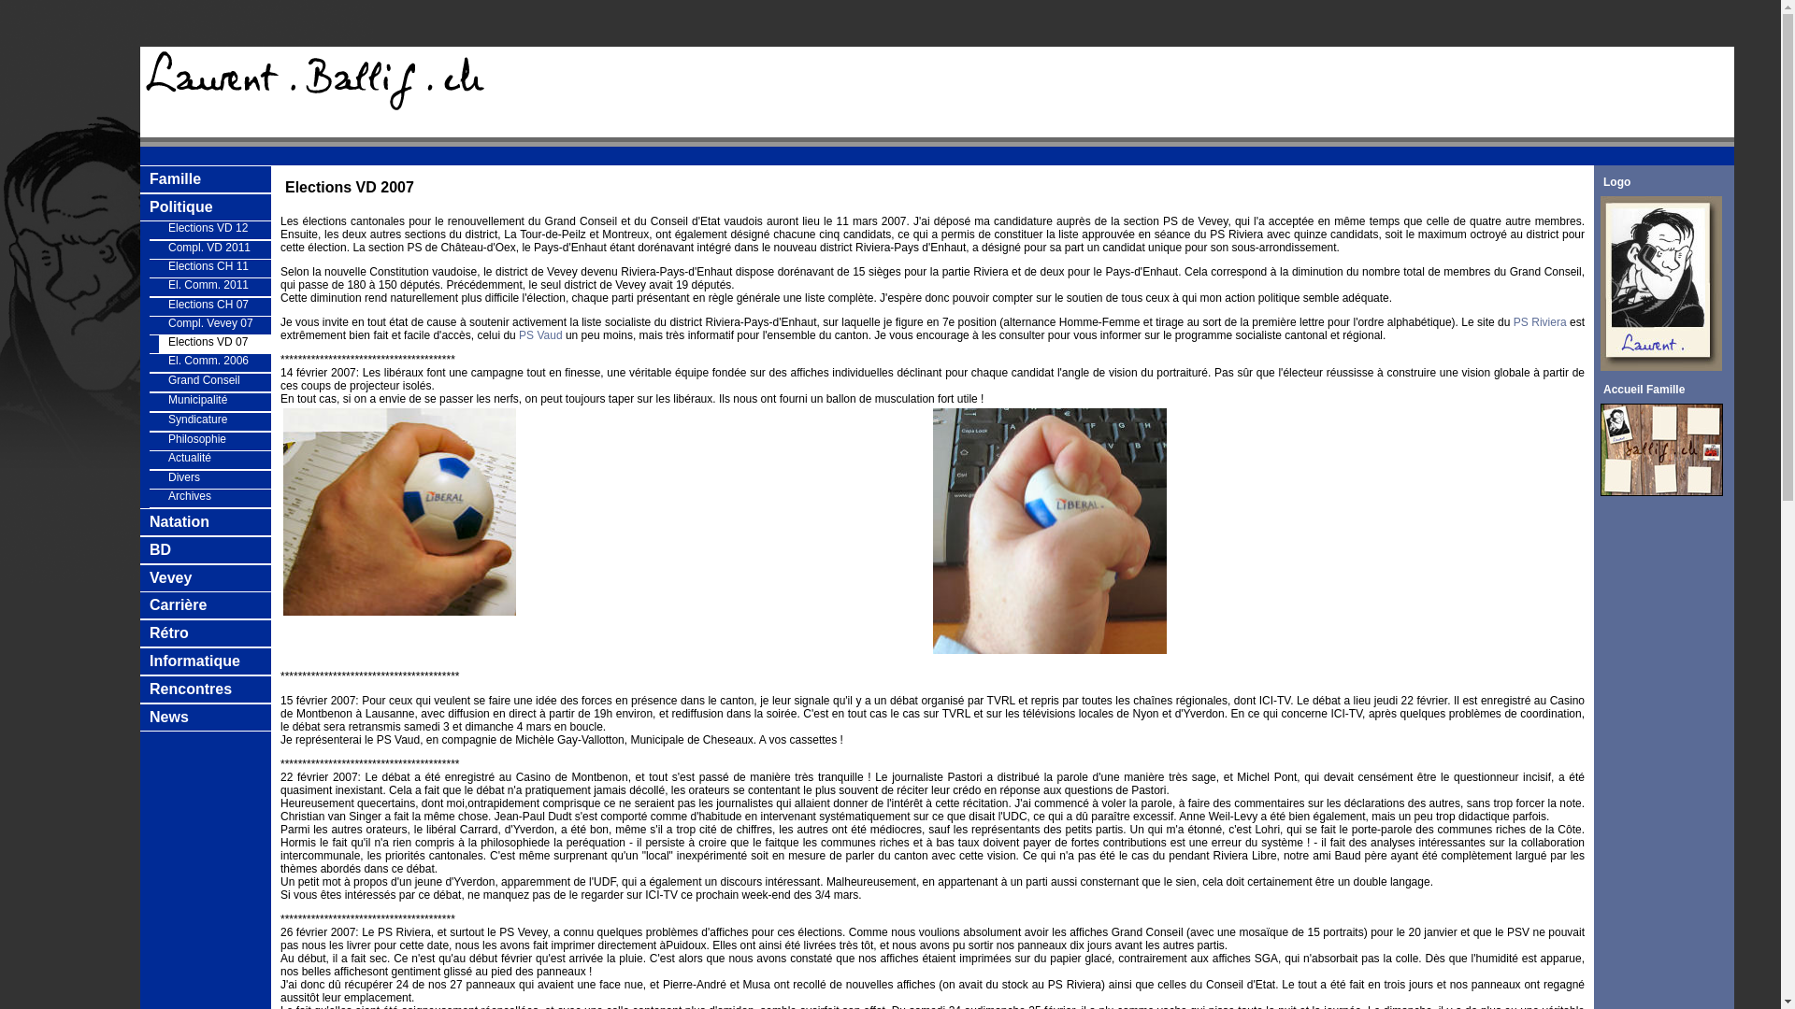 This screenshot has height=1009, width=1795. What do you see at coordinates (210, 207) in the screenshot?
I see `'Politique'` at bounding box center [210, 207].